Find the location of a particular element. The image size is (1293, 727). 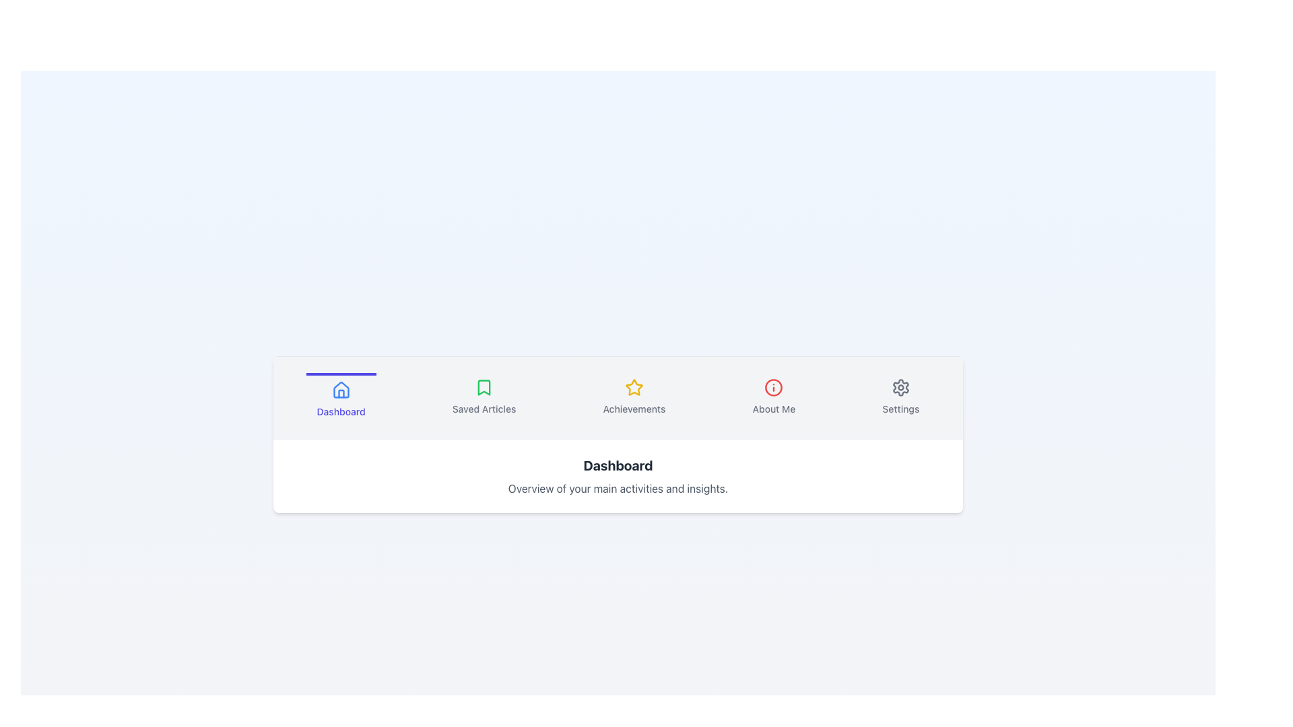

the leftmost button in the horizontal navigation bar to highlight it is located at coordinates (341, 397).